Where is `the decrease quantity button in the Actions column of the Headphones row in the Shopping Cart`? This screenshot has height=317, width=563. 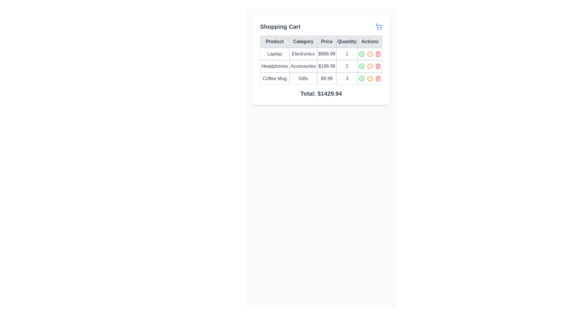 the decrease quantity button in the Actions column of the Headphones row in the Shopping Cart is located at coordinates (369, 66).